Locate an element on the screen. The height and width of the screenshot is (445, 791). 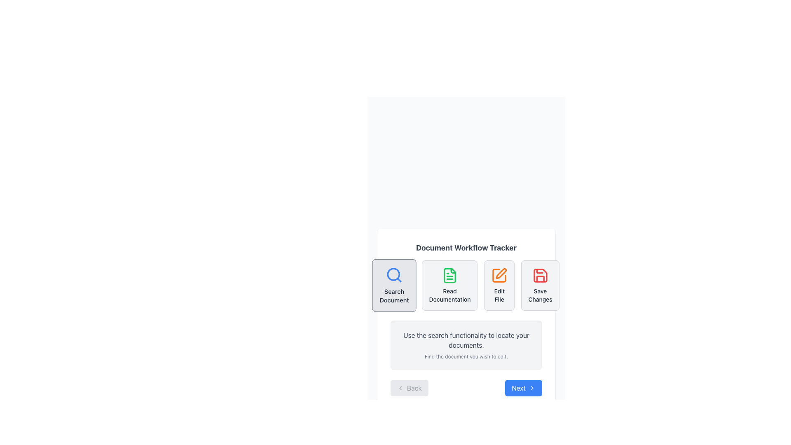
the orange square-shaped icon button with a stylized pen icon labeled 'Edit File' is located at coordinates (499, 275).